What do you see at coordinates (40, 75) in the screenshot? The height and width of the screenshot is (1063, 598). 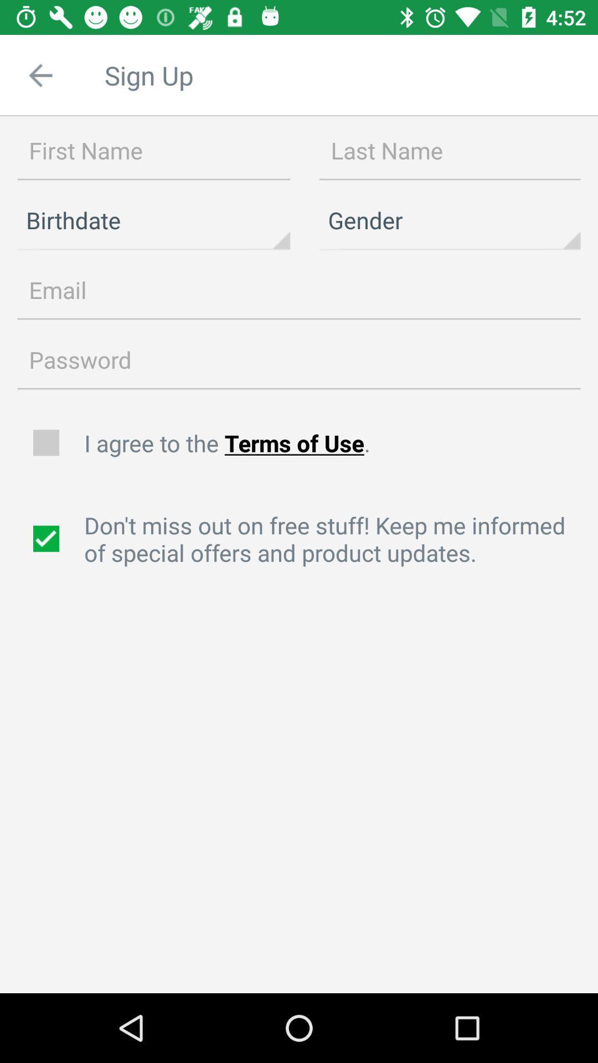 I see `the icon next to the sign up` at bounding box center [40, 75].